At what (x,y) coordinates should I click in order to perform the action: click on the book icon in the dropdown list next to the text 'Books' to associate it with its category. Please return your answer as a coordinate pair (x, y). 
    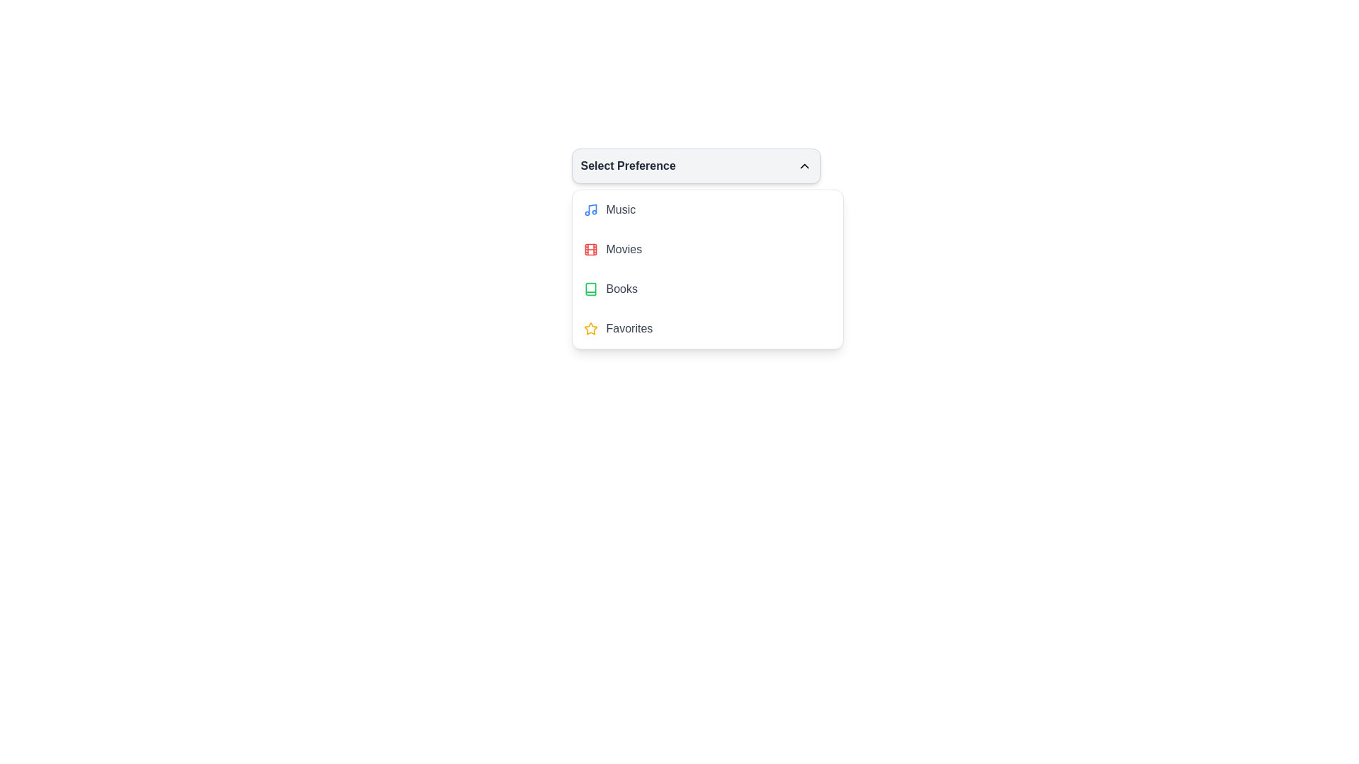
    Looking at the image, I should click on (590, 288).